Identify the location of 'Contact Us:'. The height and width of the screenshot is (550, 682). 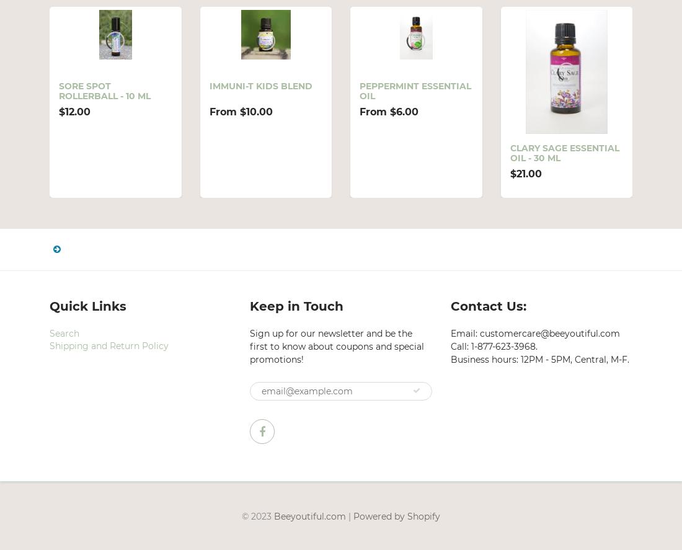
(488, 304).